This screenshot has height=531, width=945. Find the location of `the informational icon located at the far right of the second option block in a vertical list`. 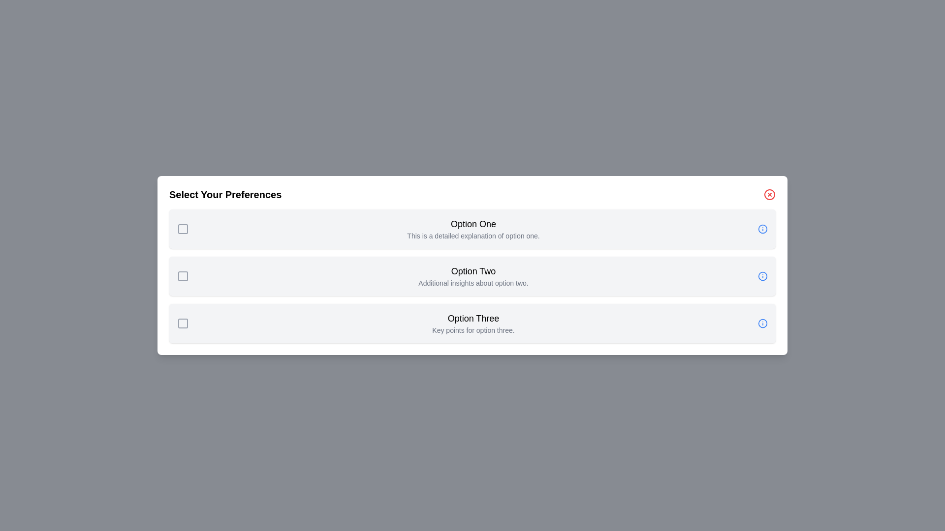

the informational icon located at the far right of the second option block in a vertical list is located at coordinates (762, 276).